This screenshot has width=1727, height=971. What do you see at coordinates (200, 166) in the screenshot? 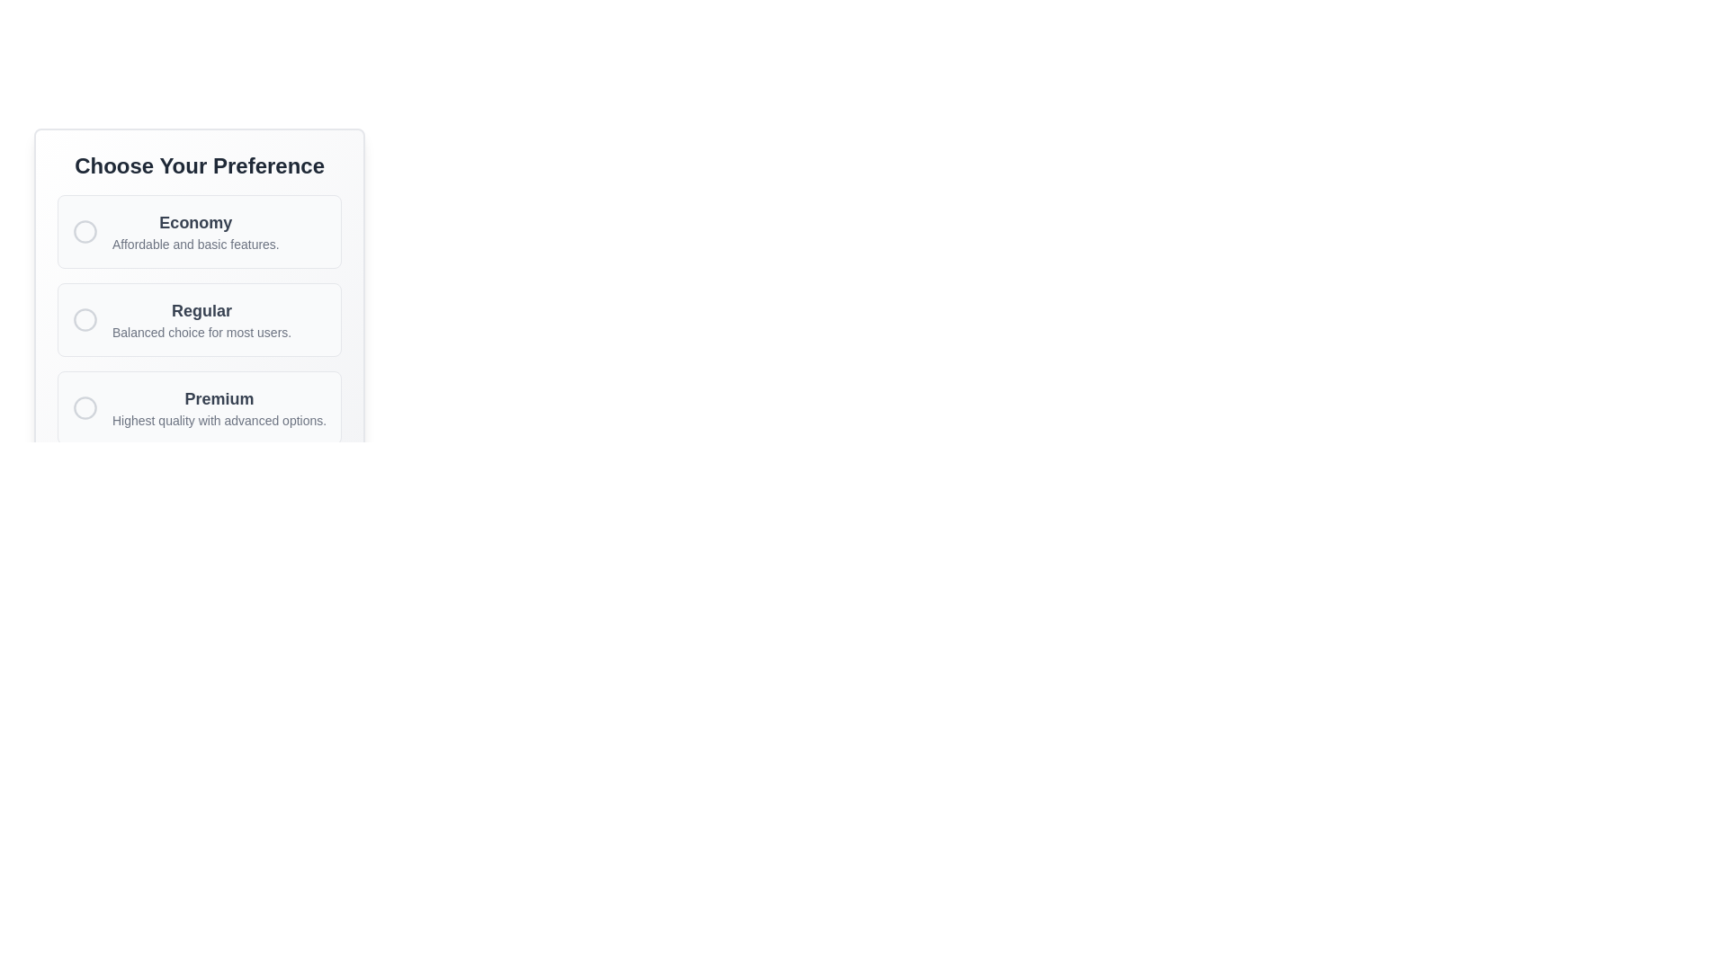
I see `the main heading 'Choose Your Preference' located at the top of the card that introduces the selection options underneath` at bounding box center [200, 166].